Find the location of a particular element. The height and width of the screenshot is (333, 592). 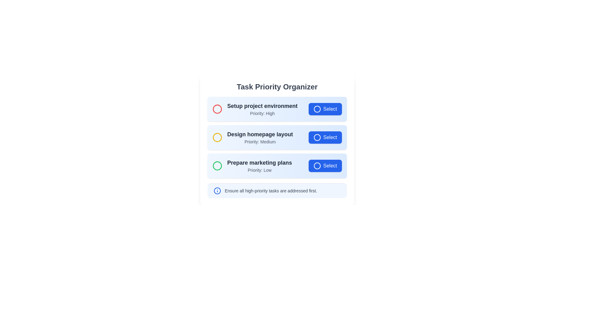

the selection button located on the right side of the 'Design homepage layout' row is located at coordinates (325, 137).